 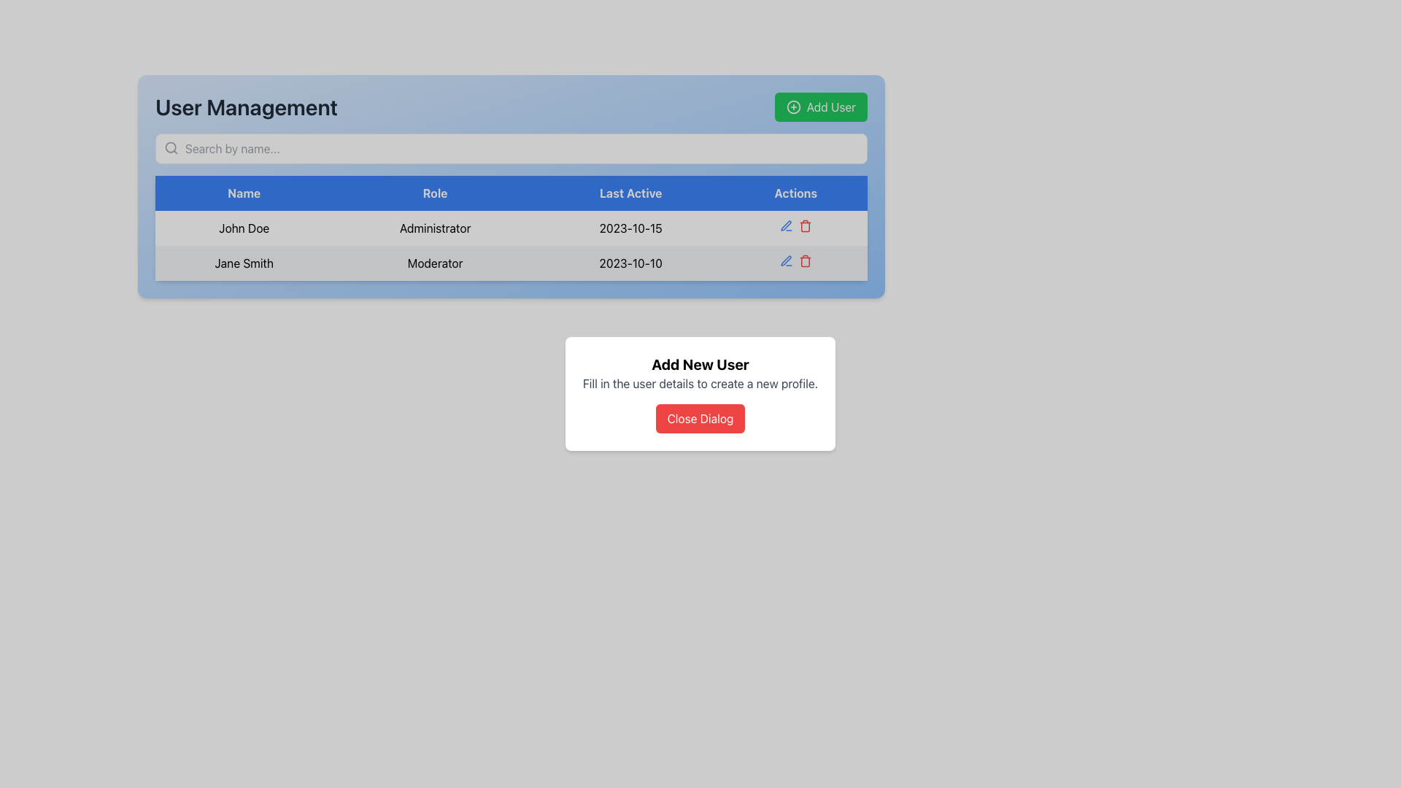 I want to click on the green circular icon with a '+' symbol, which is part of the 'Add User' button located at the top-right of the user management panel, so click(x=792, y=106).